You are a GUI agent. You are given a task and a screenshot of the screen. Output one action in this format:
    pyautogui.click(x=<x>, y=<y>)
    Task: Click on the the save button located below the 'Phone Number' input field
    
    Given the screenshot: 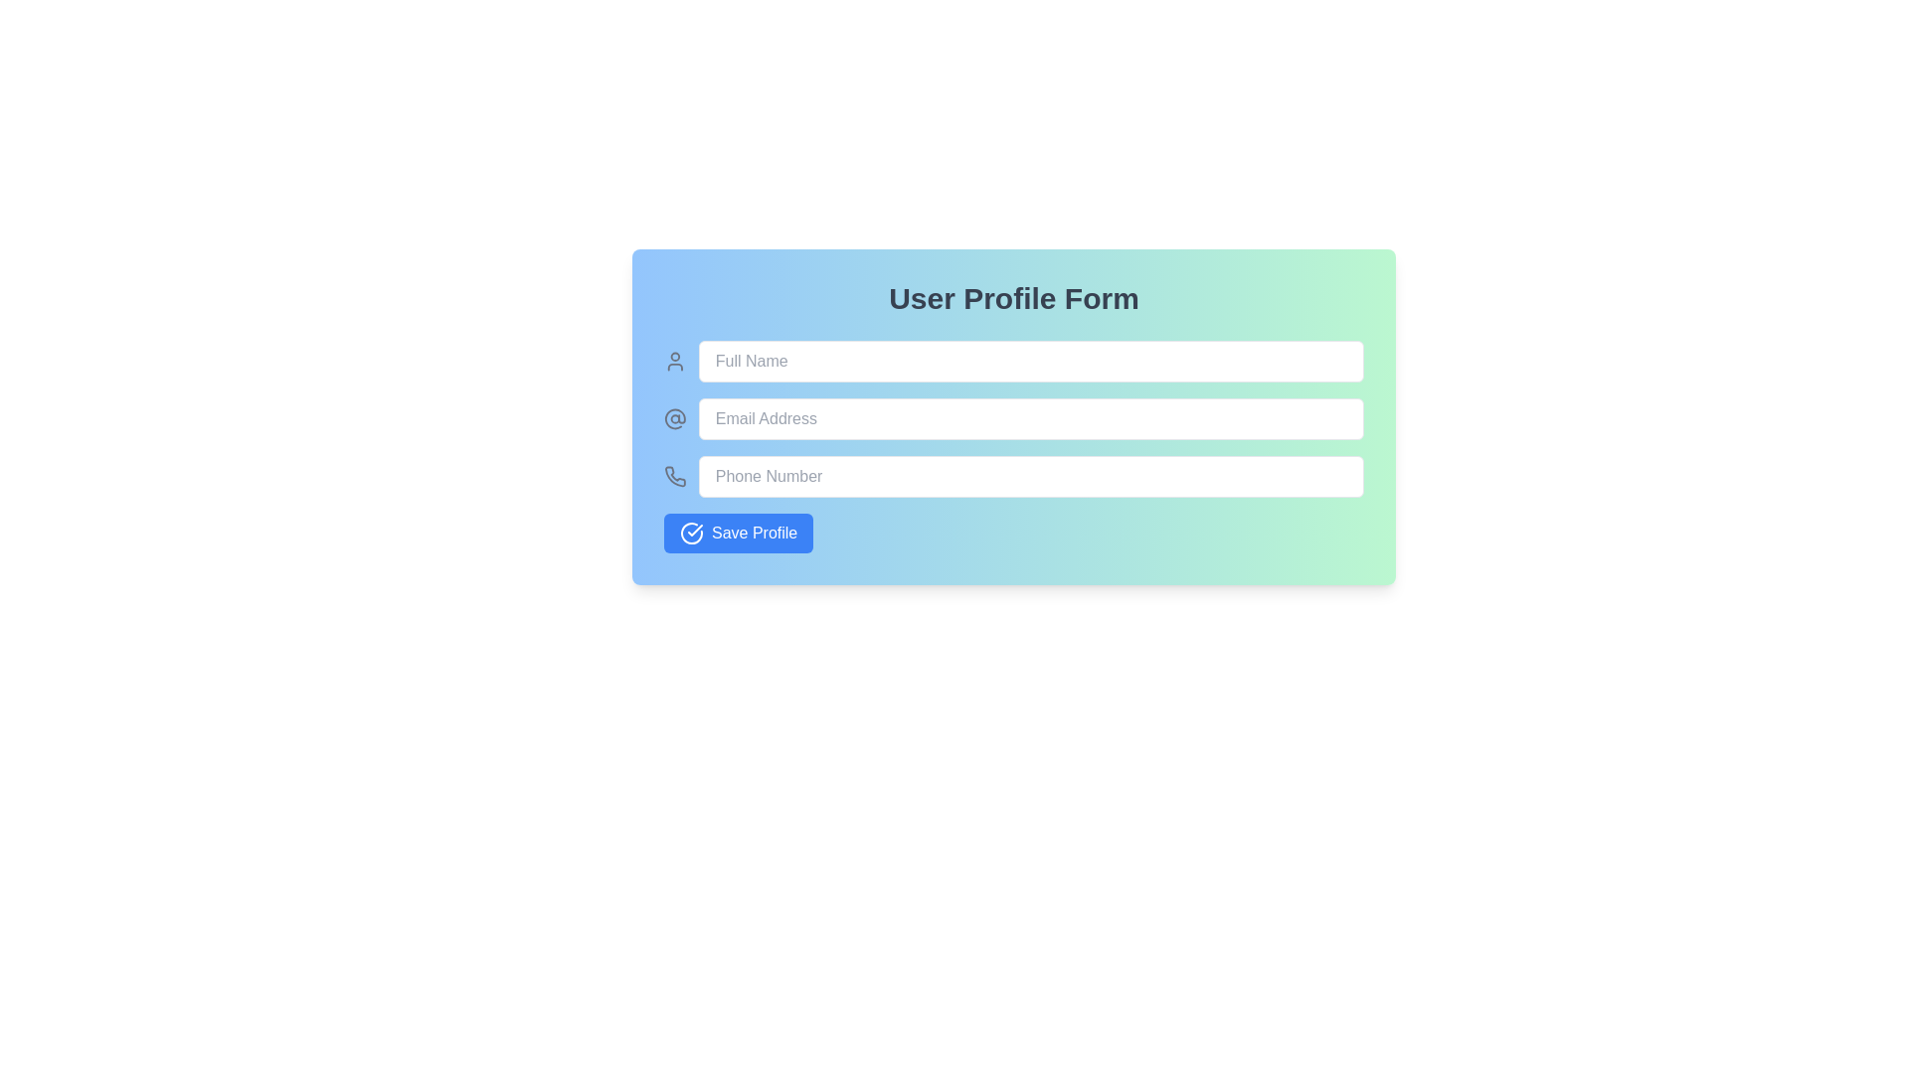 What is the action you would take?
    pyautogui.click(x=738, y=532)
    